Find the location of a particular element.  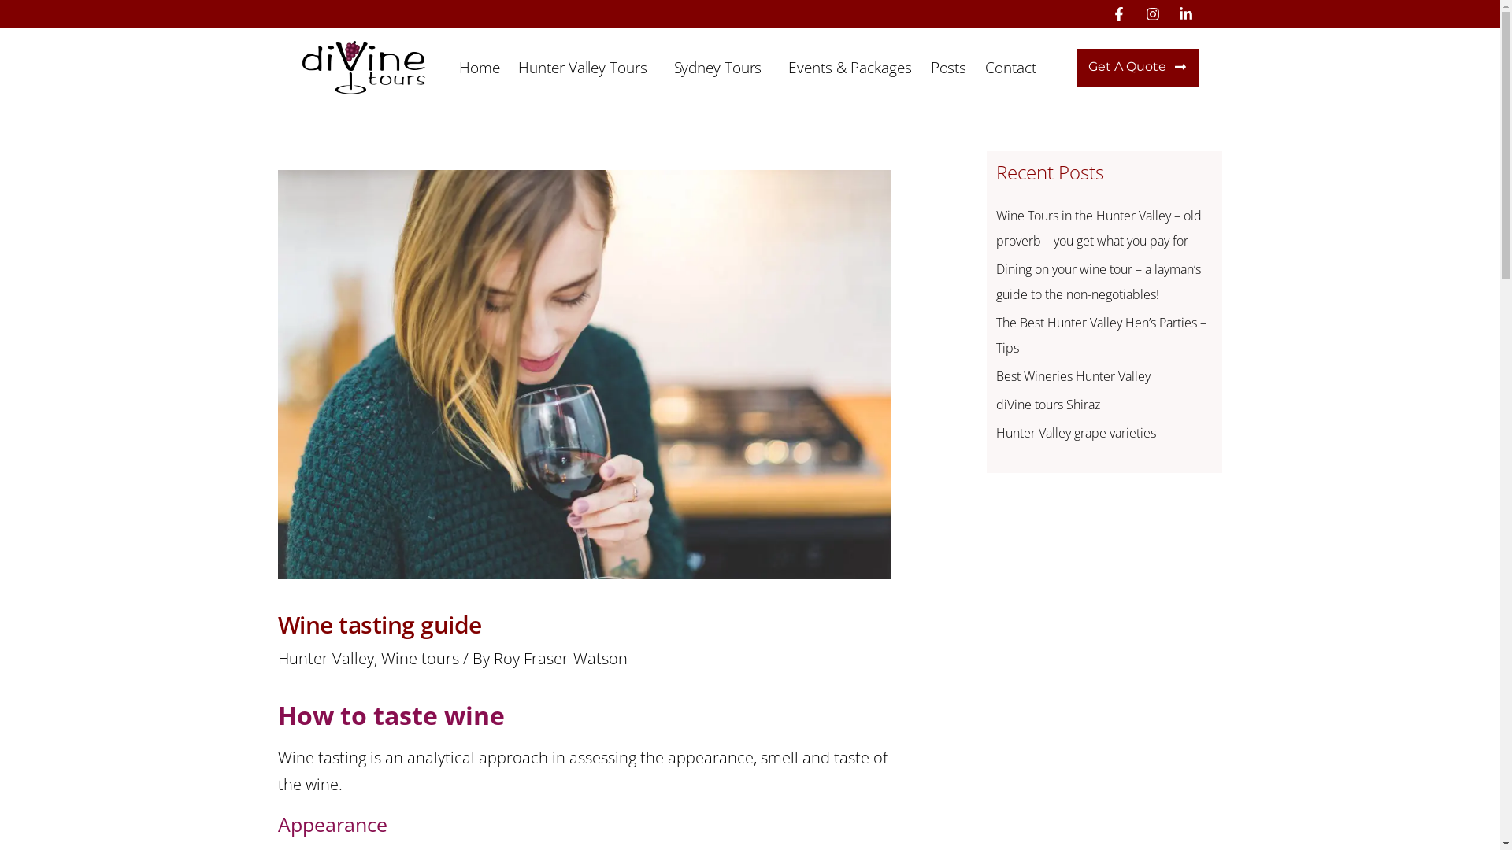

'Posts' is located at coordinates (947, 66).